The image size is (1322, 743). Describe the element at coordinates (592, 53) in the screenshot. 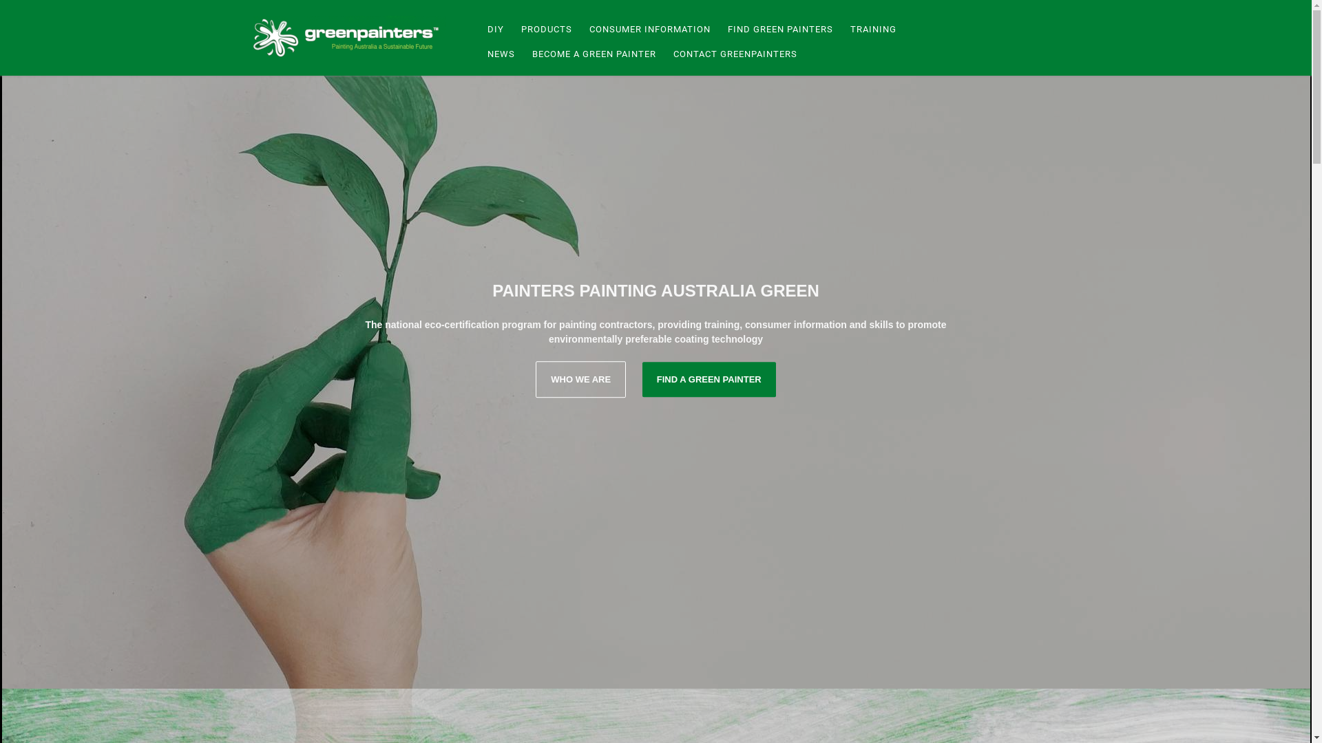

I see `'BECOME A GREEN PAINTER'` at that location.